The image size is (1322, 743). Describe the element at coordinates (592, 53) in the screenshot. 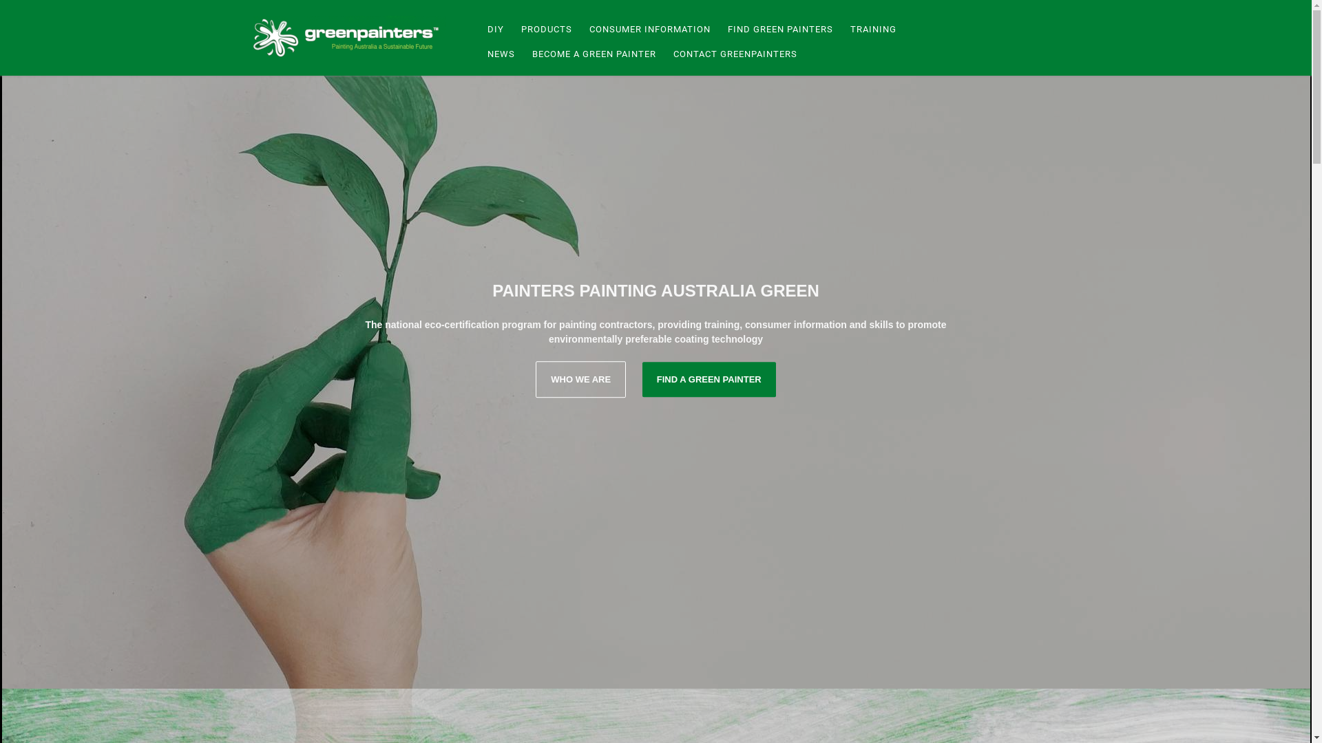

I see `'BECOME A GREEN PAINTER'` at that location.